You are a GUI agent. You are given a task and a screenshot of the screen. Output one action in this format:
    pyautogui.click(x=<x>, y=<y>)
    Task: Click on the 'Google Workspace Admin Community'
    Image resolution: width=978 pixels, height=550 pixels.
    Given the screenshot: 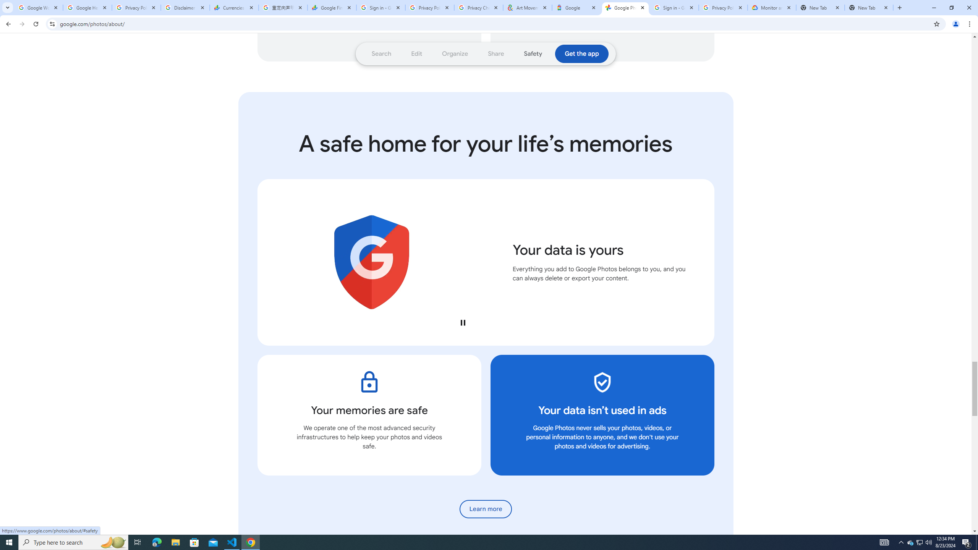 What is the action you would take?
    pyautogui.click(x=39, y=7)
    